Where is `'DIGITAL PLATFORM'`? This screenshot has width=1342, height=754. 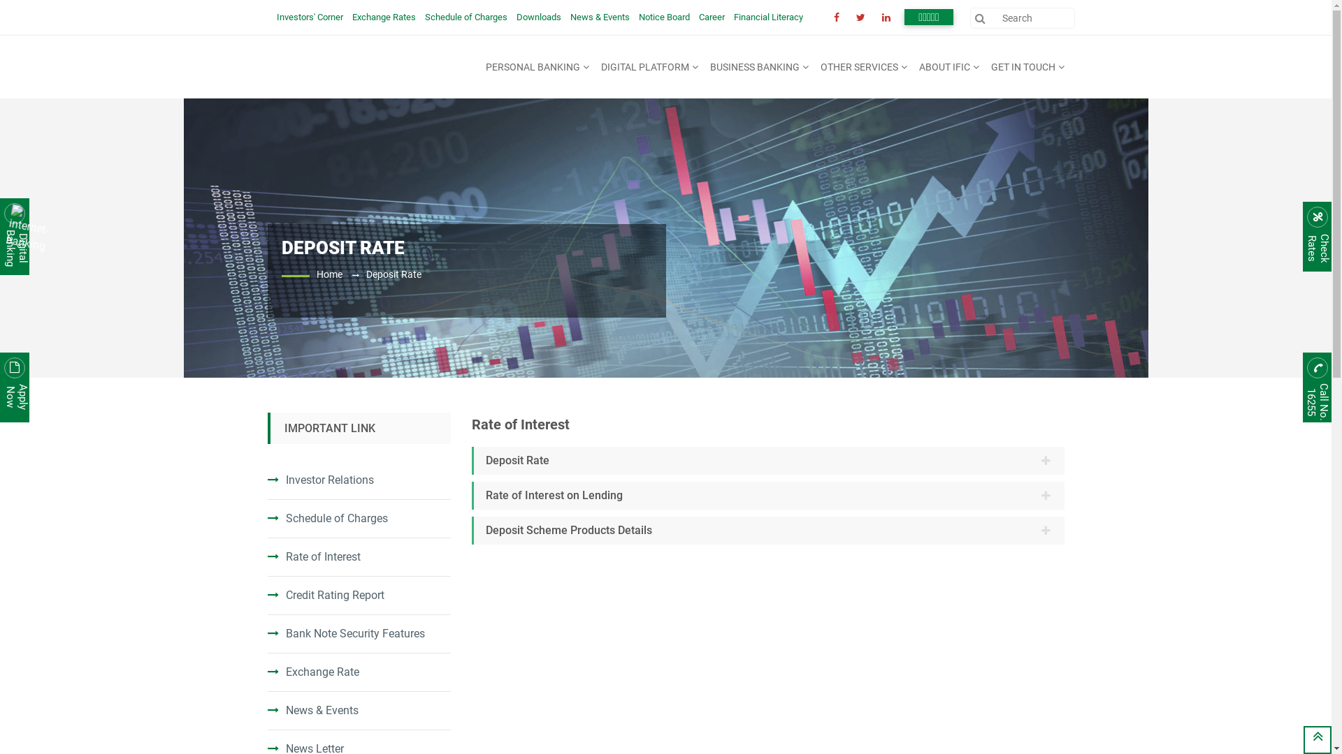 'DIGITAL PLATFORM' is located at coordinates (649, 67).